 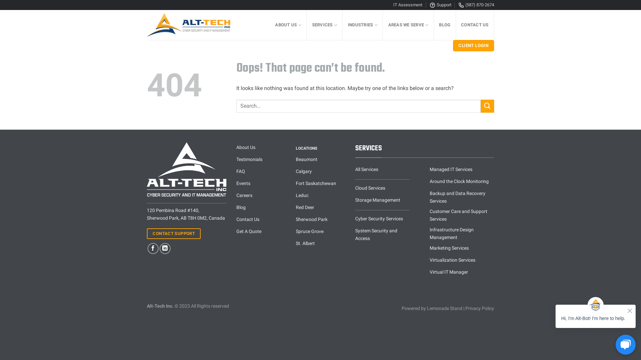 What do you see at coordinates (479, 308) in the screenshot?
I see `'Privacy Policy'` at bounding box center [479, 308].